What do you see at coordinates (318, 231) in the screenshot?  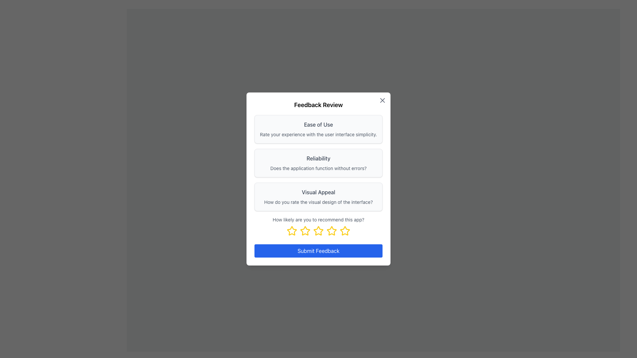 I see `the third star in the star rating icon` at bounding box center [318, 231].